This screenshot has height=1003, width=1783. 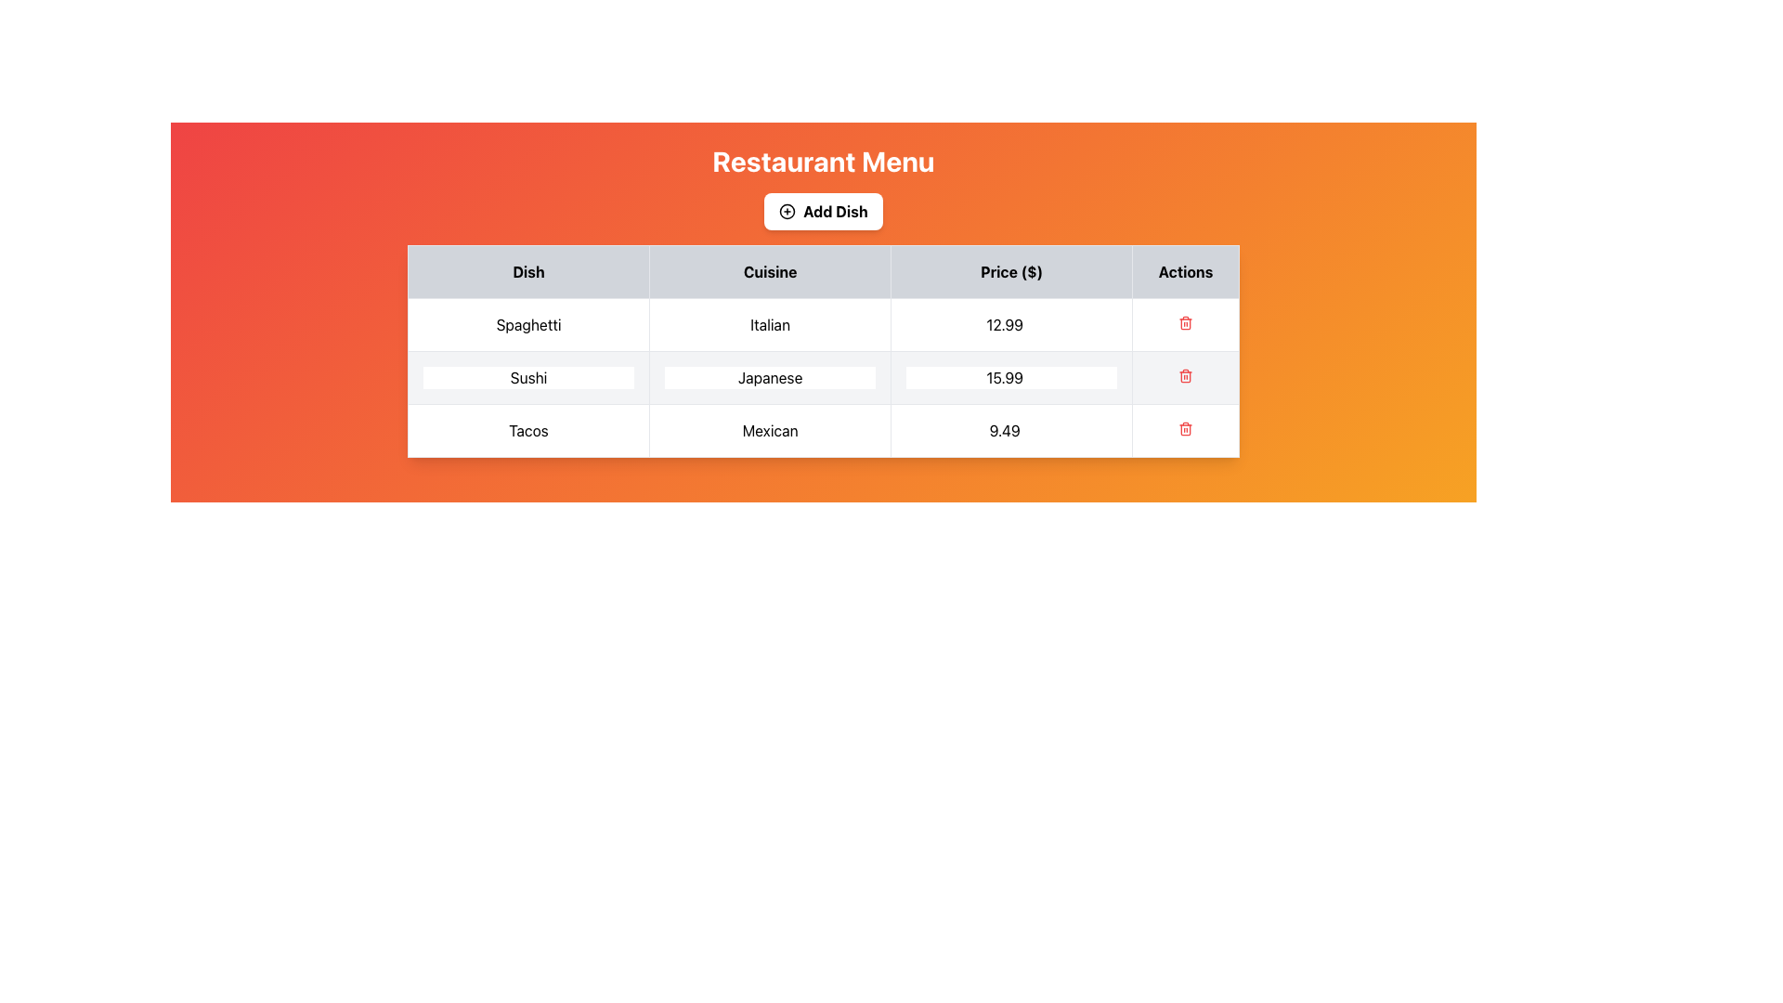 What do you see at coordinates (1010, 377) in the screenshot?
I see `the text input box for the price of the dish 'Sushi' in the 'Price ($)' column of the restaurant menu` at bounding box center [1010, 377].